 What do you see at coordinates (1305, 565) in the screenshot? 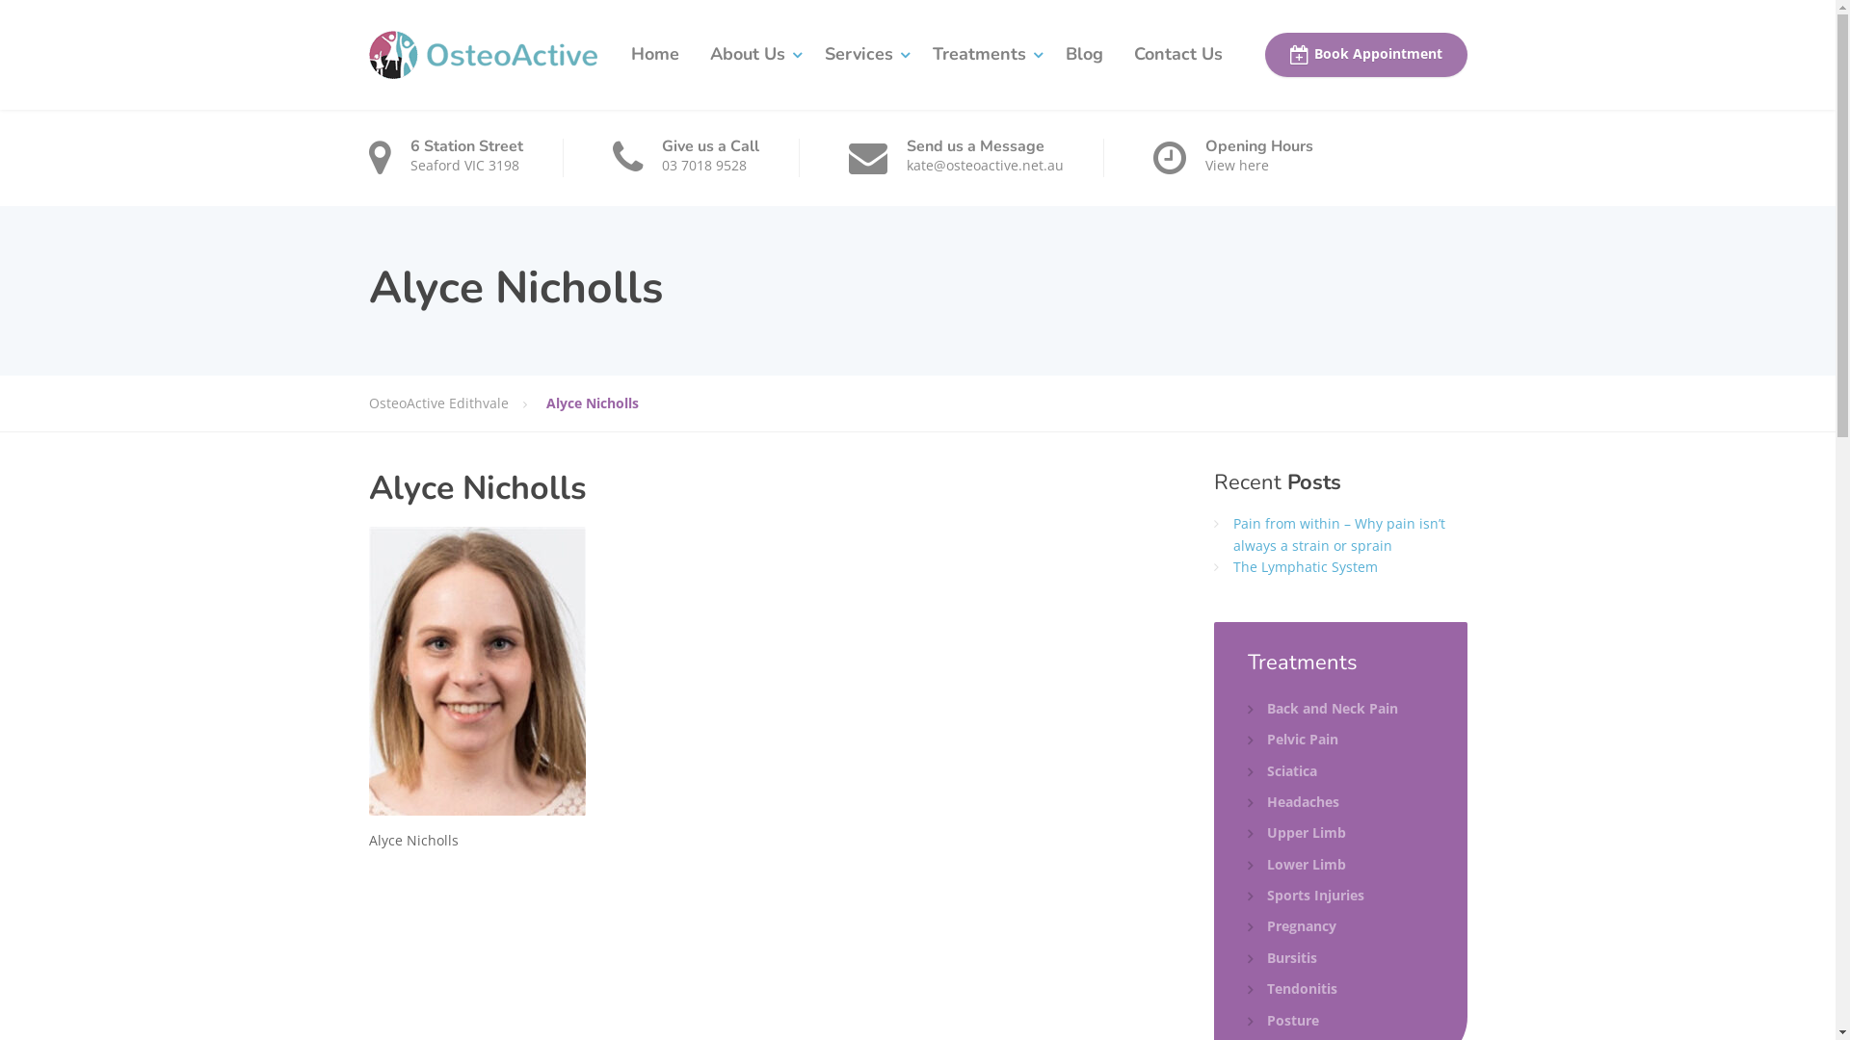
I see `'The Lymphatic System'` at bounding box center [1305, 565].